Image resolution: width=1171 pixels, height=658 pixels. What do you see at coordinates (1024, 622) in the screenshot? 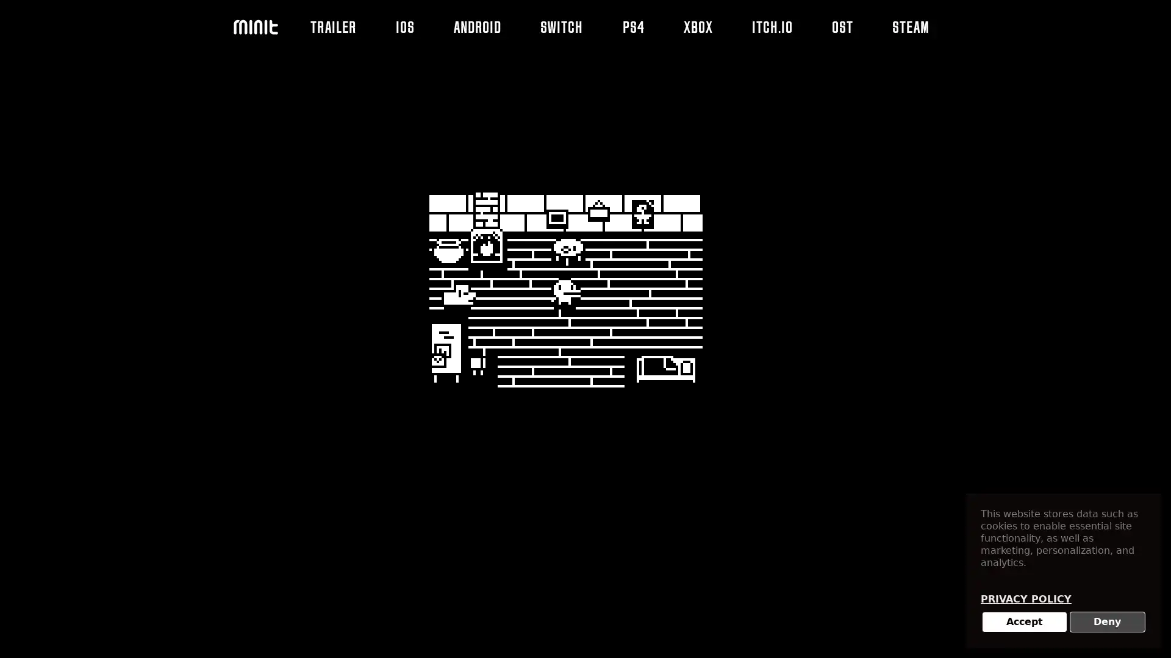
I see `Accept` at bounding box center [1024, 622].